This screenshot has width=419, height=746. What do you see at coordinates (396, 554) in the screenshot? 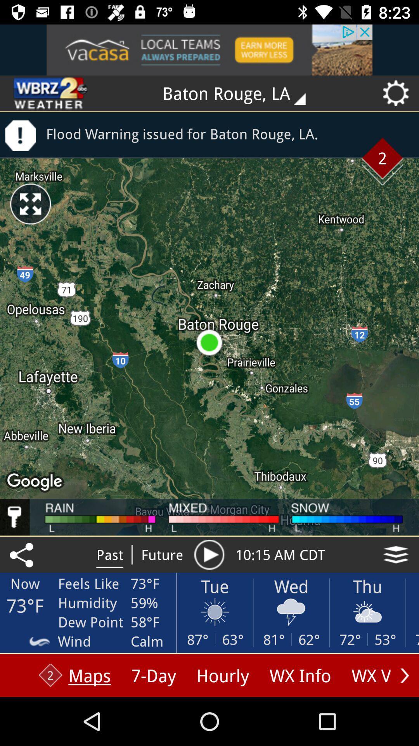
I see `the layers icon` at bounding box center [396, 554].